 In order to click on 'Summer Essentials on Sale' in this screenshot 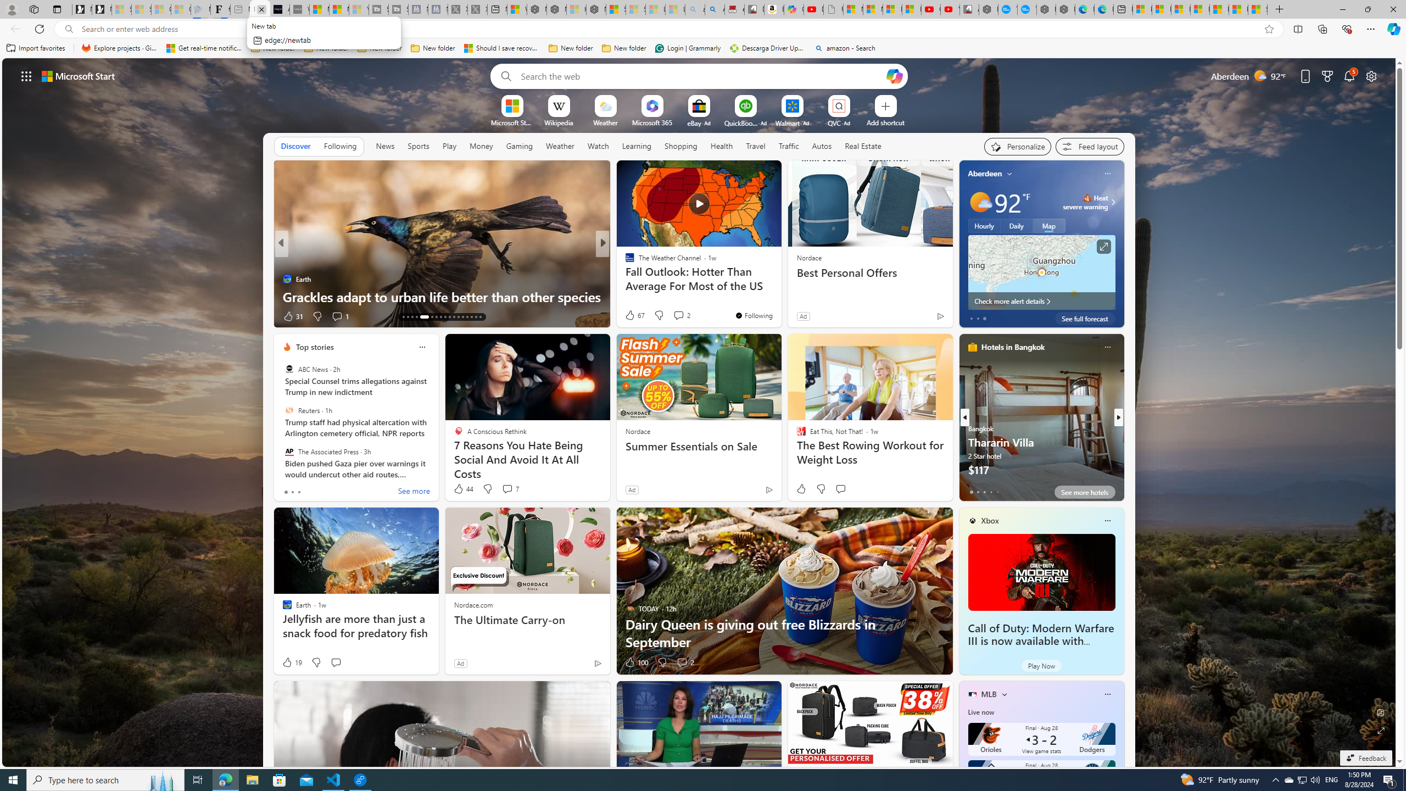, I will do `click(699, 445)`.